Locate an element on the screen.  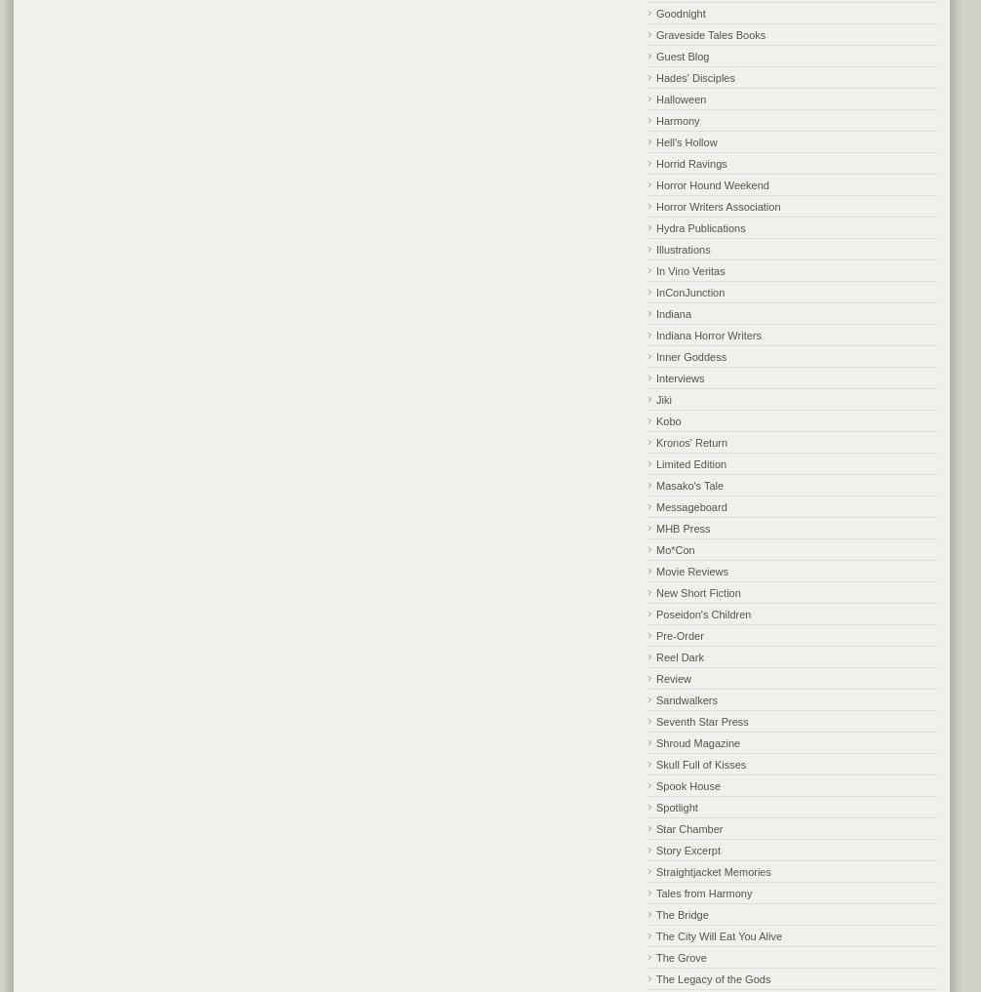
'Masako's Tale' is located at coordinates (689, 484).